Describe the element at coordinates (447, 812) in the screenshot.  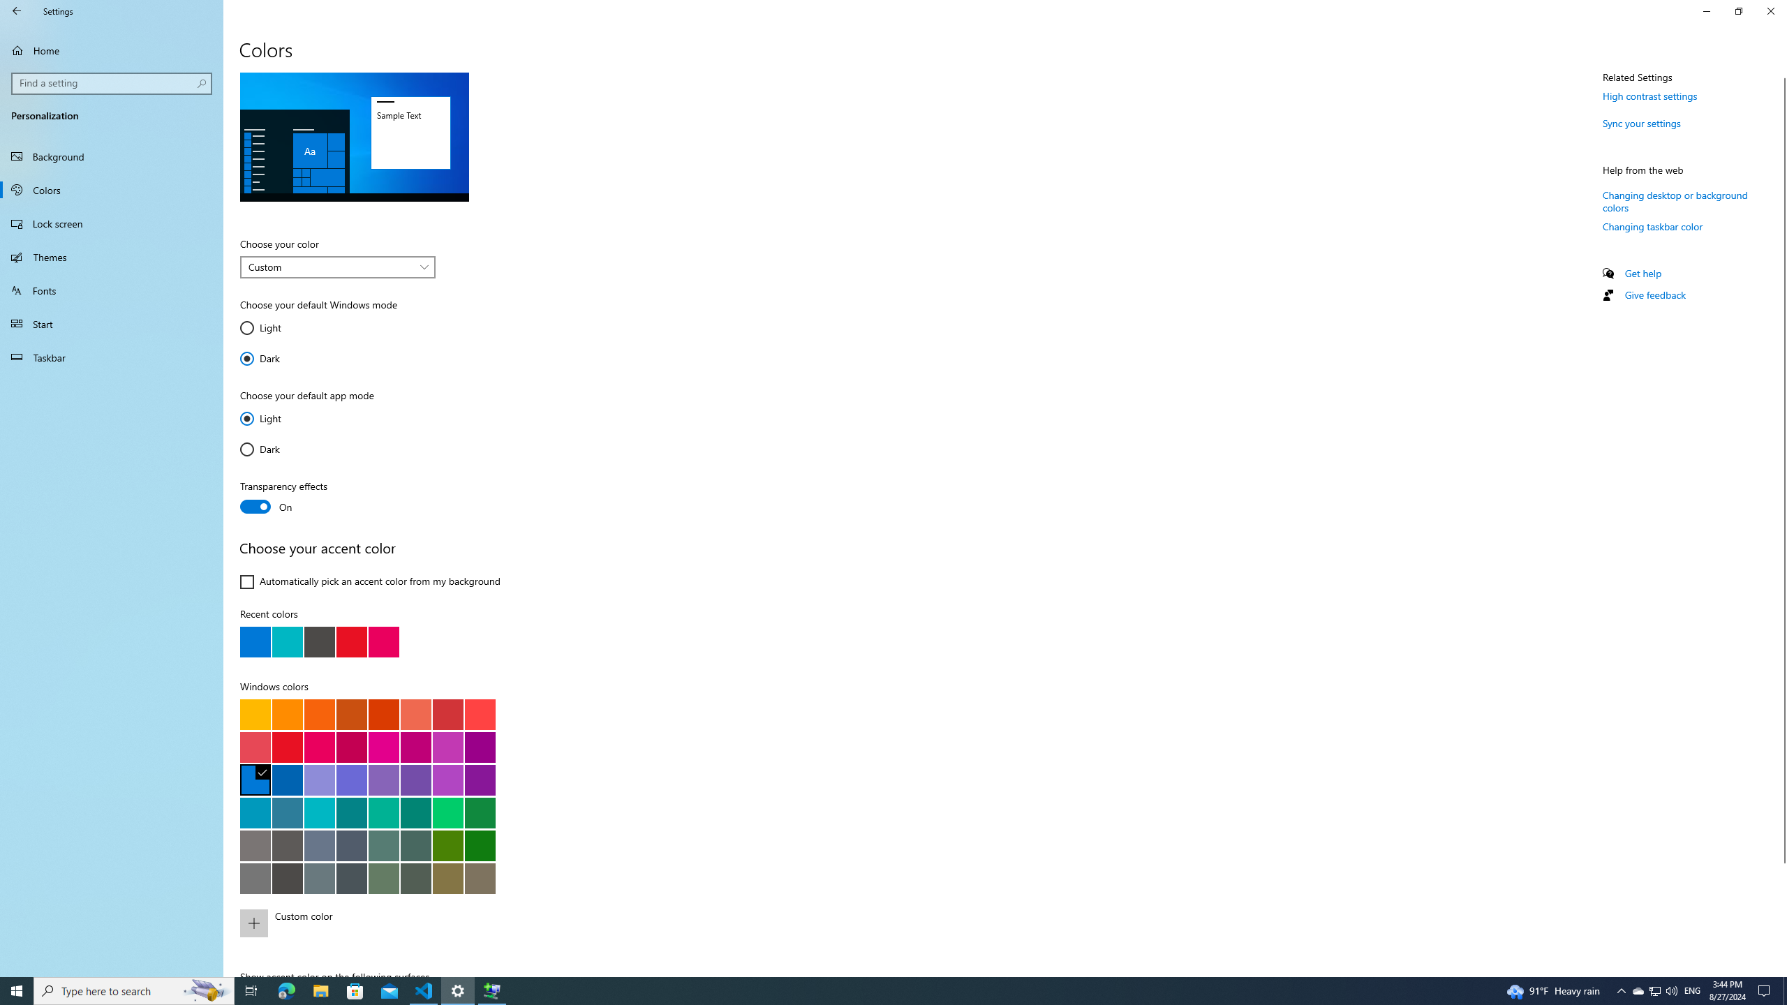
I see `'Turf green'` at that location.